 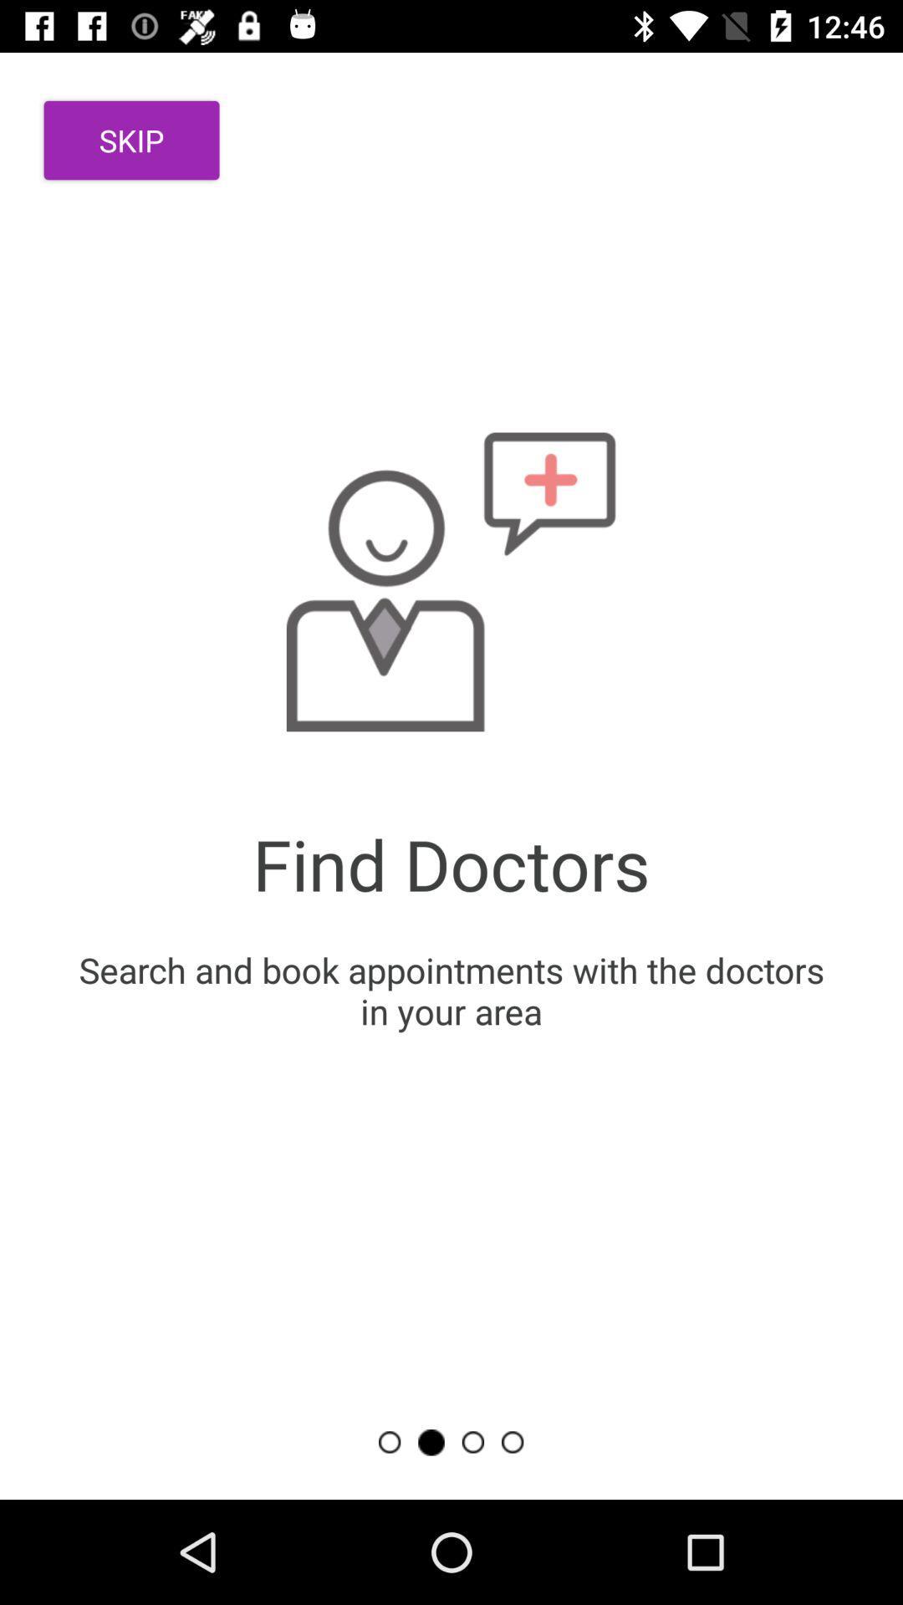 What do you see at coordinates (130, 140) in the screenshot?
I see `item above search and book icon` at bounding box center [130, 140].